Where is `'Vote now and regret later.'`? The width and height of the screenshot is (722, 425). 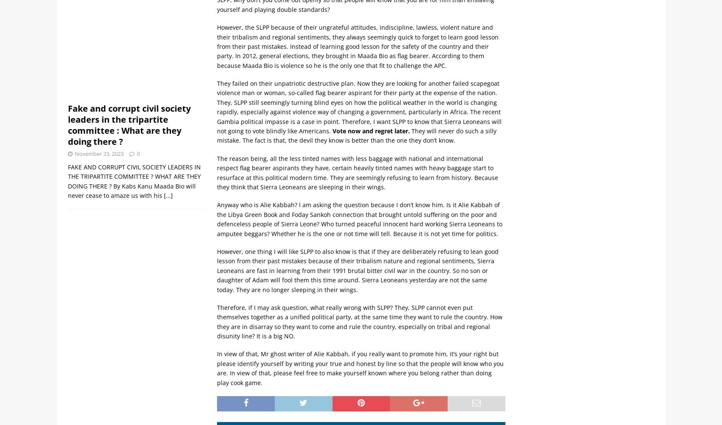 'Vote now and regret later.' is located at coordinates (332, 131).